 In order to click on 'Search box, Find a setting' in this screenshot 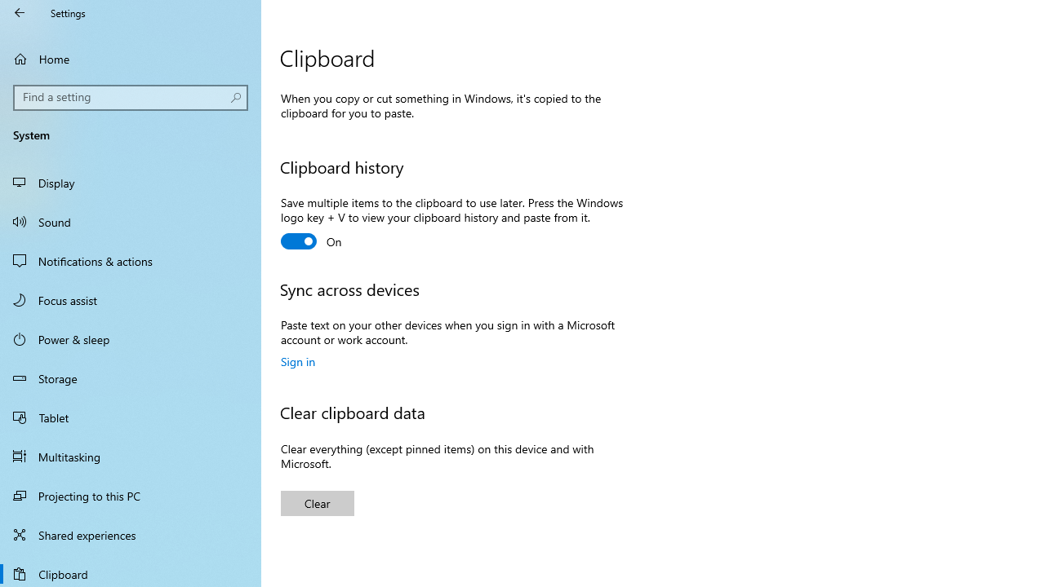, I will do `click(131, 97)`.